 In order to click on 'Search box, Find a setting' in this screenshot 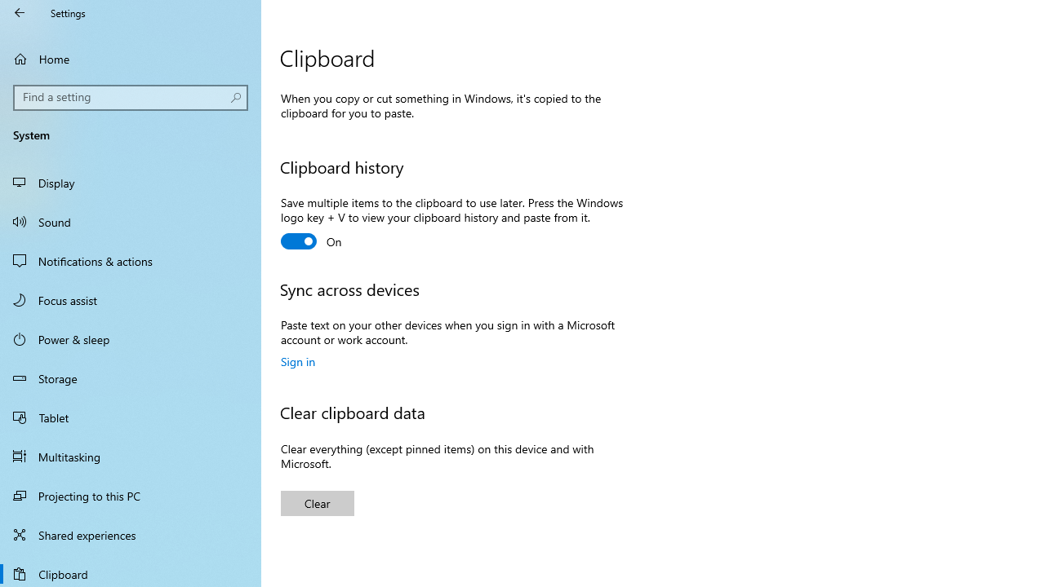, I will do `click(131, 97)`.